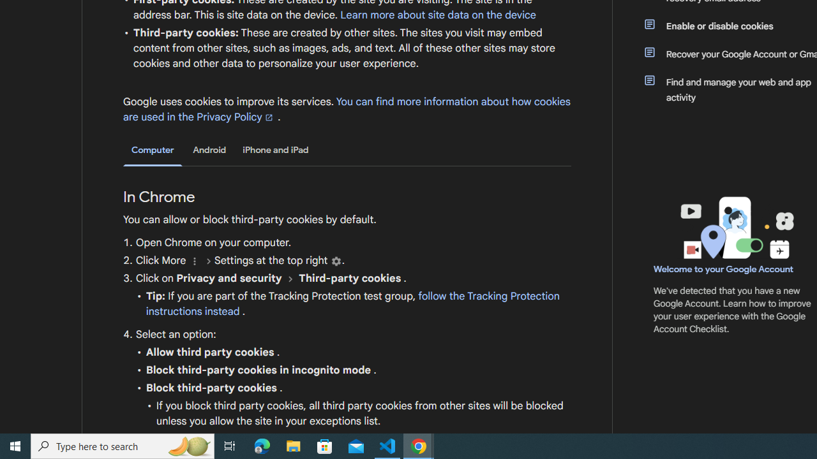 The height and width of the screenshot is (459, 817). Describe the element at coordinates (352, 304) in the screenshot. I see `'follow the Tracking Protection instructions instead'` at that location.